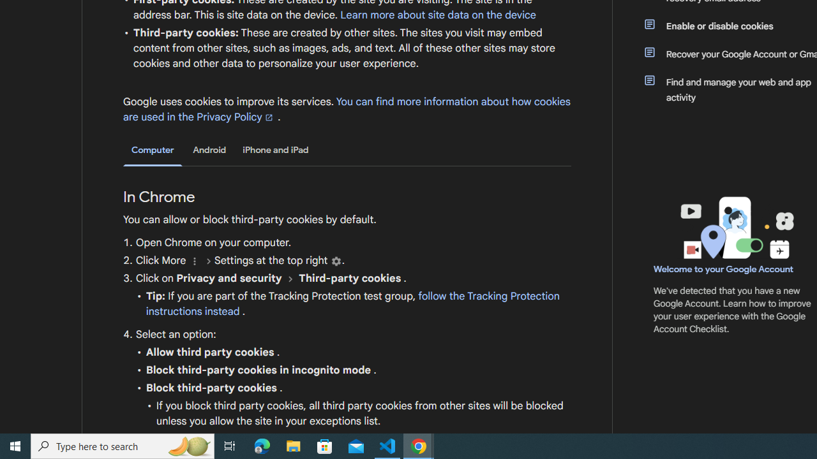 The height and width of the screenshot is (459, 817). Describe the element at coordinates (352, 304) in the screenshot. I see `'follow the Tracking Protection instructions instead'` at that location.